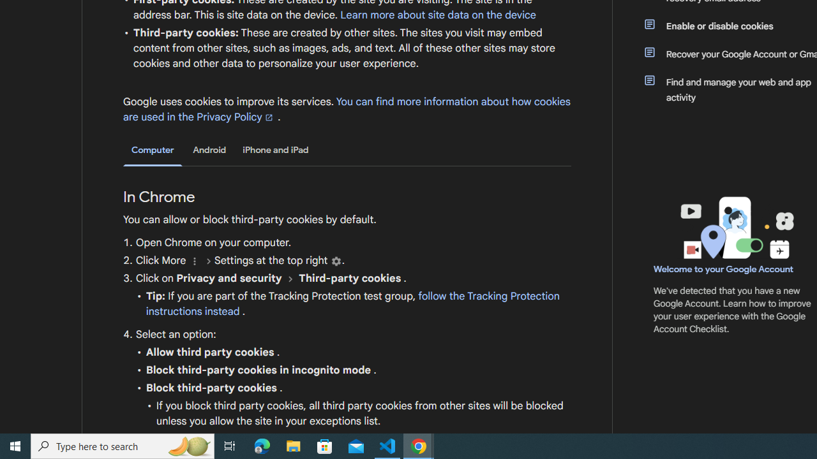 The height and width of the screenshot is (459, 817). Describe the element at coordinates (352, 304) in the screenshot. I see `'follow the Tracking Protection instructions instead'` at that location.